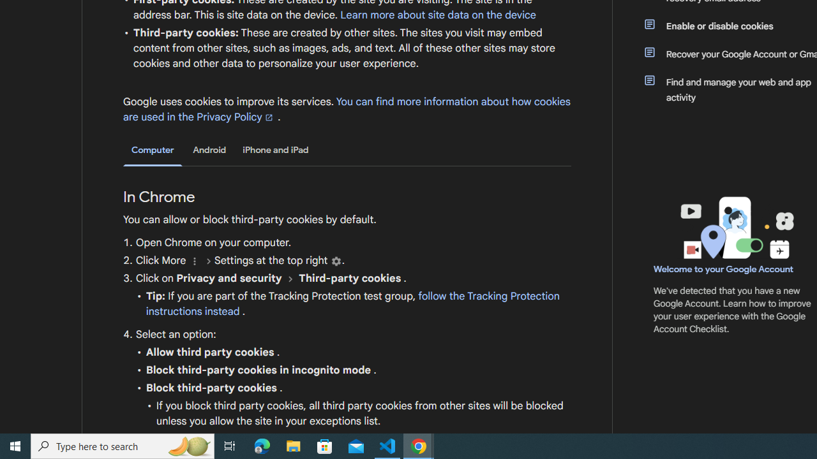 The height and width of the screenshot is (459, 817). Describe the element at coordinates (352, 304) in the screenshot. I see `'follow the Tracking Protection instructions instead'` at that location.